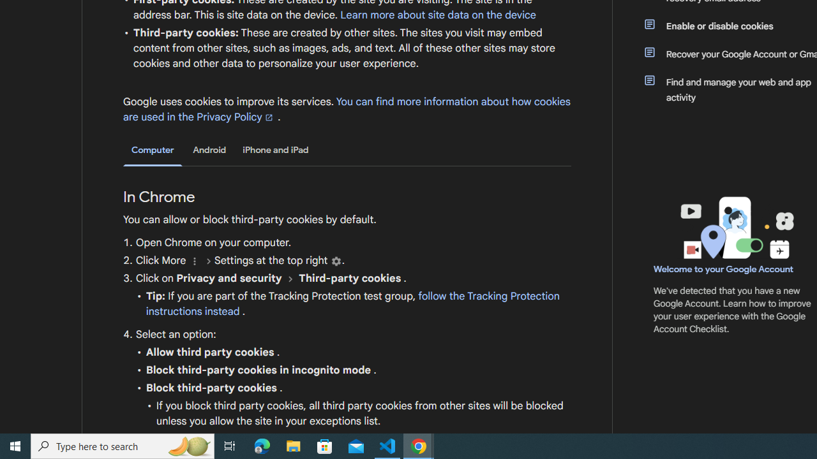 The height and width of the screenshot is (459, 817). Describe the element at coordinates (352, 304) in the screenshot. I see `'follow the Tracking Protection instructions instead'` at that location.